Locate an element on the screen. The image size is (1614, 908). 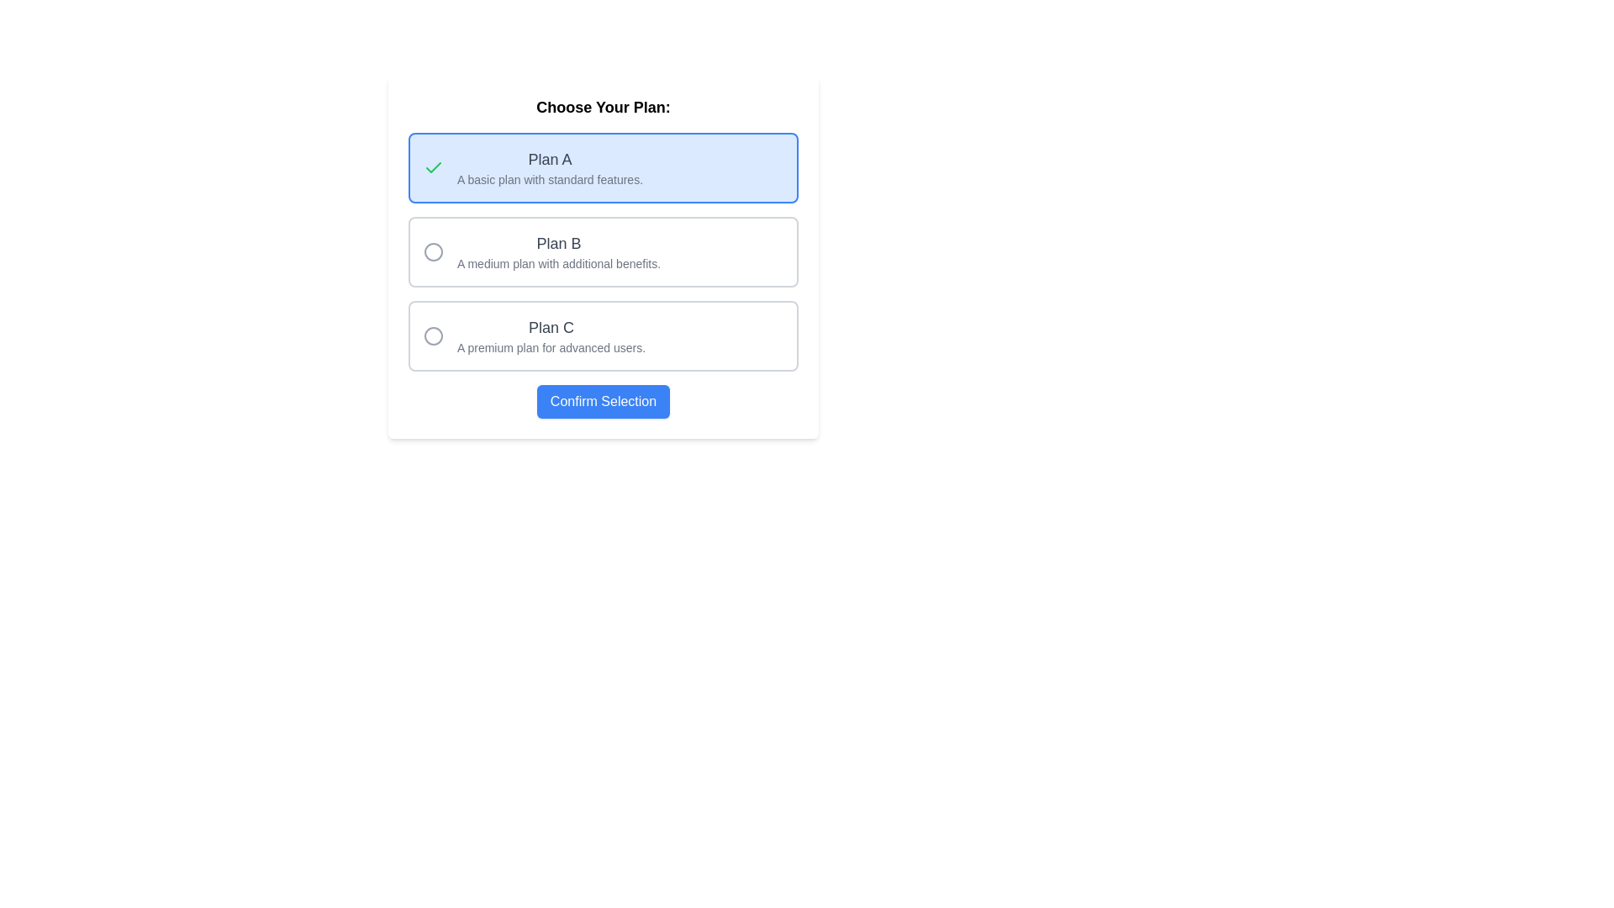
the header label 'Plan A', which is the first selectable option in the 'Choose Your Plan' section, located above the subtext and aligned left of the green checkmark icon is located at coordinates (550, 159).